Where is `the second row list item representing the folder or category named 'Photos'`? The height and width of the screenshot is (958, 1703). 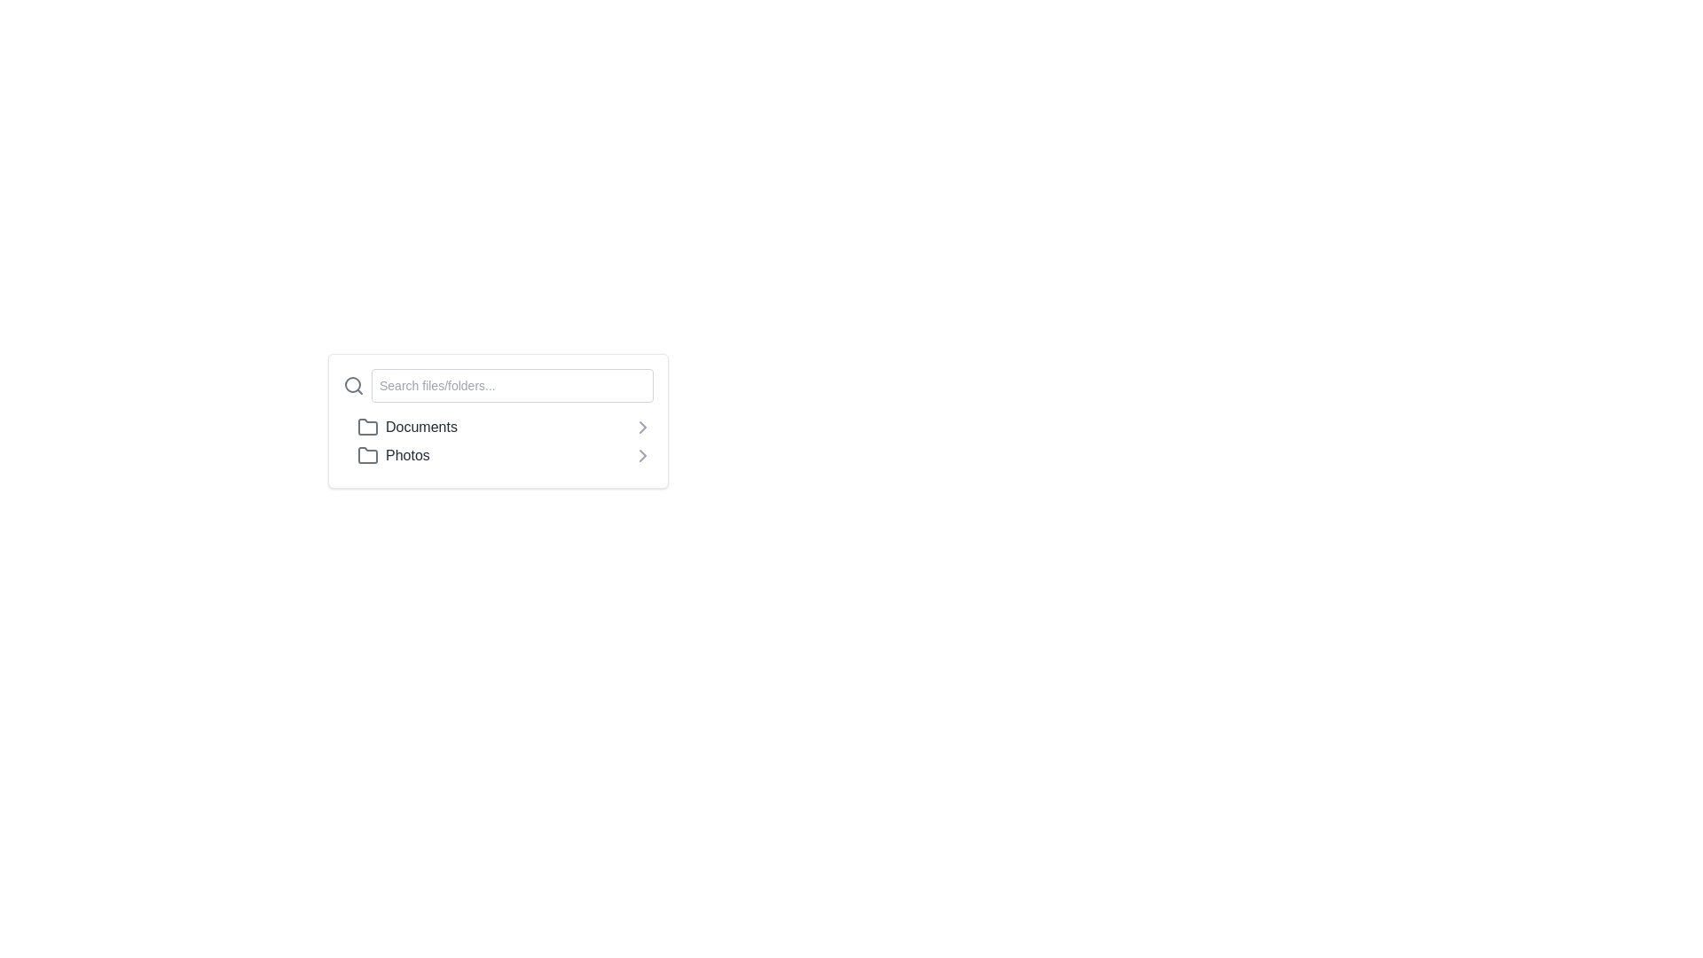
the second row list item representing the folder or category named 'Photos' is located at coordinates (505, 454).